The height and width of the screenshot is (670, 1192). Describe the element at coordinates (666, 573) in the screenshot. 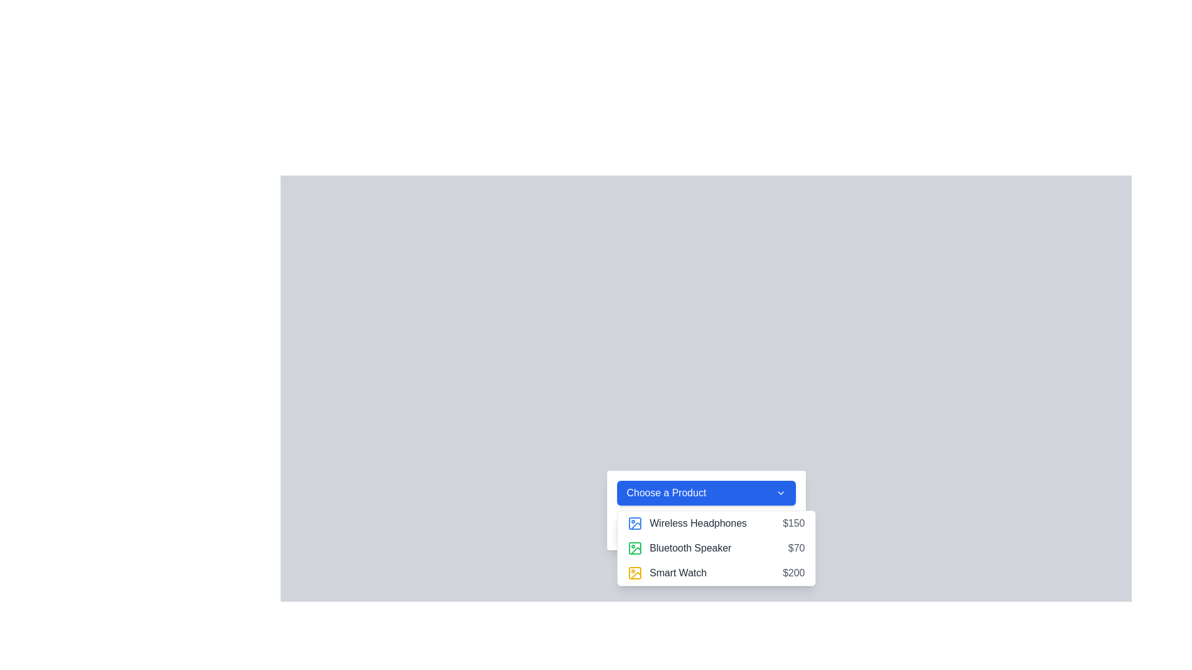

I see `the static text element labeled 'Smart Watch' with a yellow outlined icon to its left, located within the dropdown menu` at that location.